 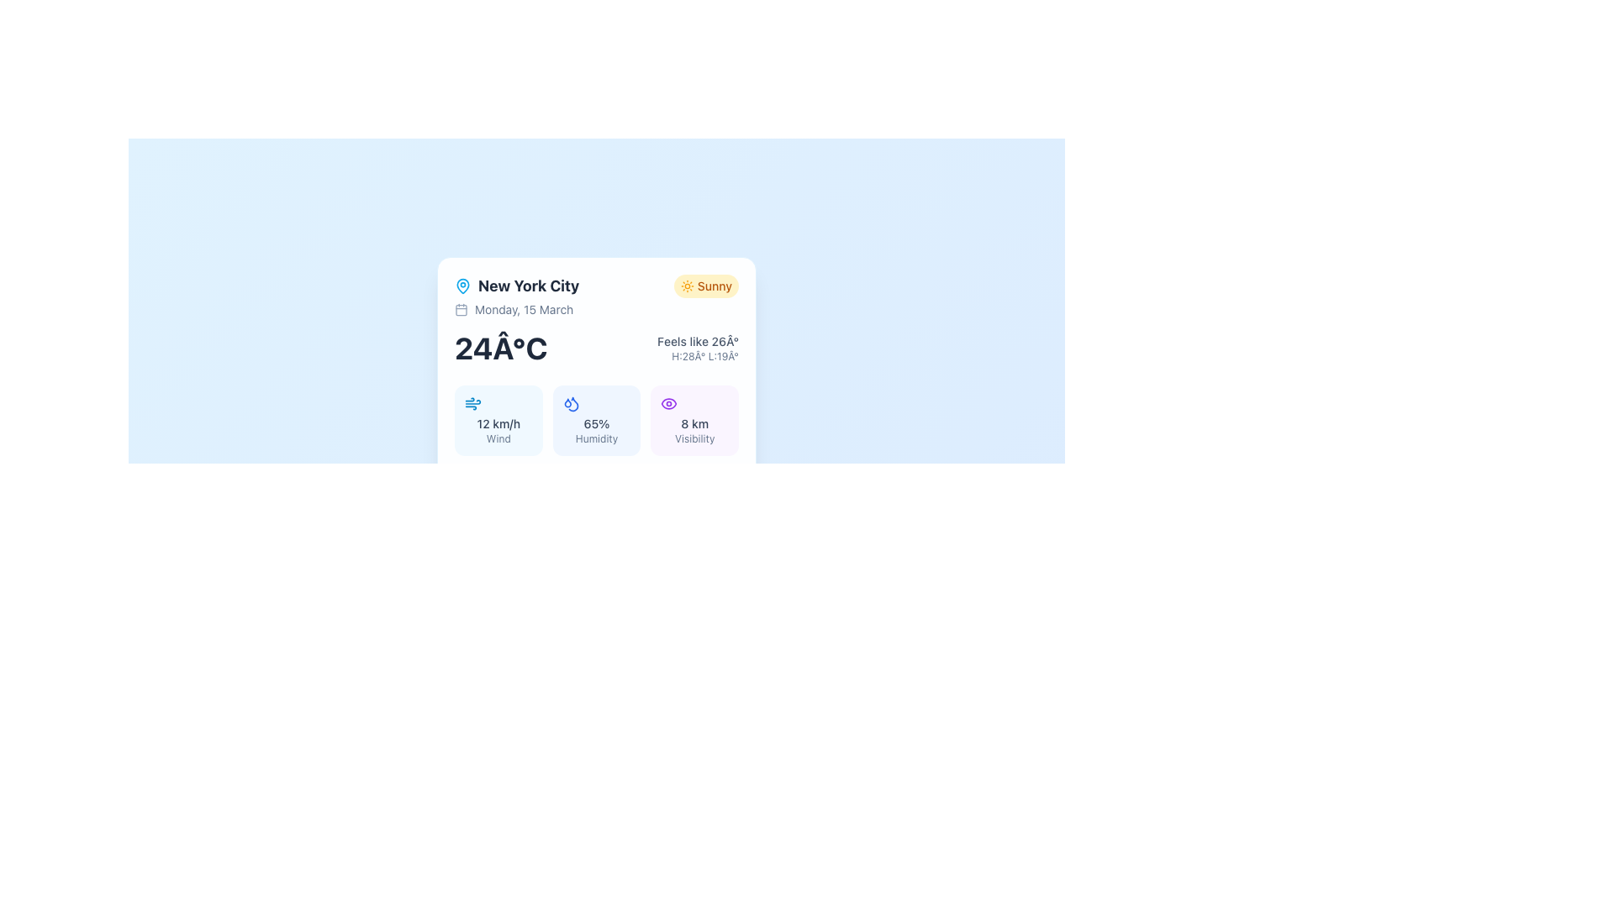 I want to click on the Date display label with an icon located directly below the 'New York City' label, providing contextual date information, so click(x=516, y=310).